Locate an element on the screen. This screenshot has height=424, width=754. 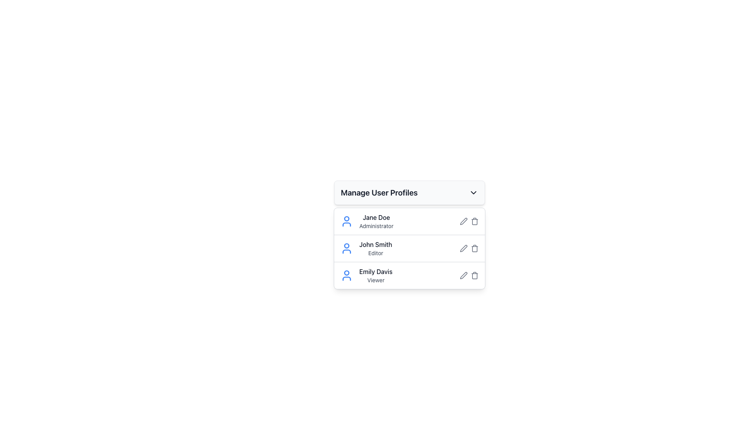
the static text label 'Editor' that is positioned below the name 'John Smith' in the user profile list is located at coordinates (375, 253).